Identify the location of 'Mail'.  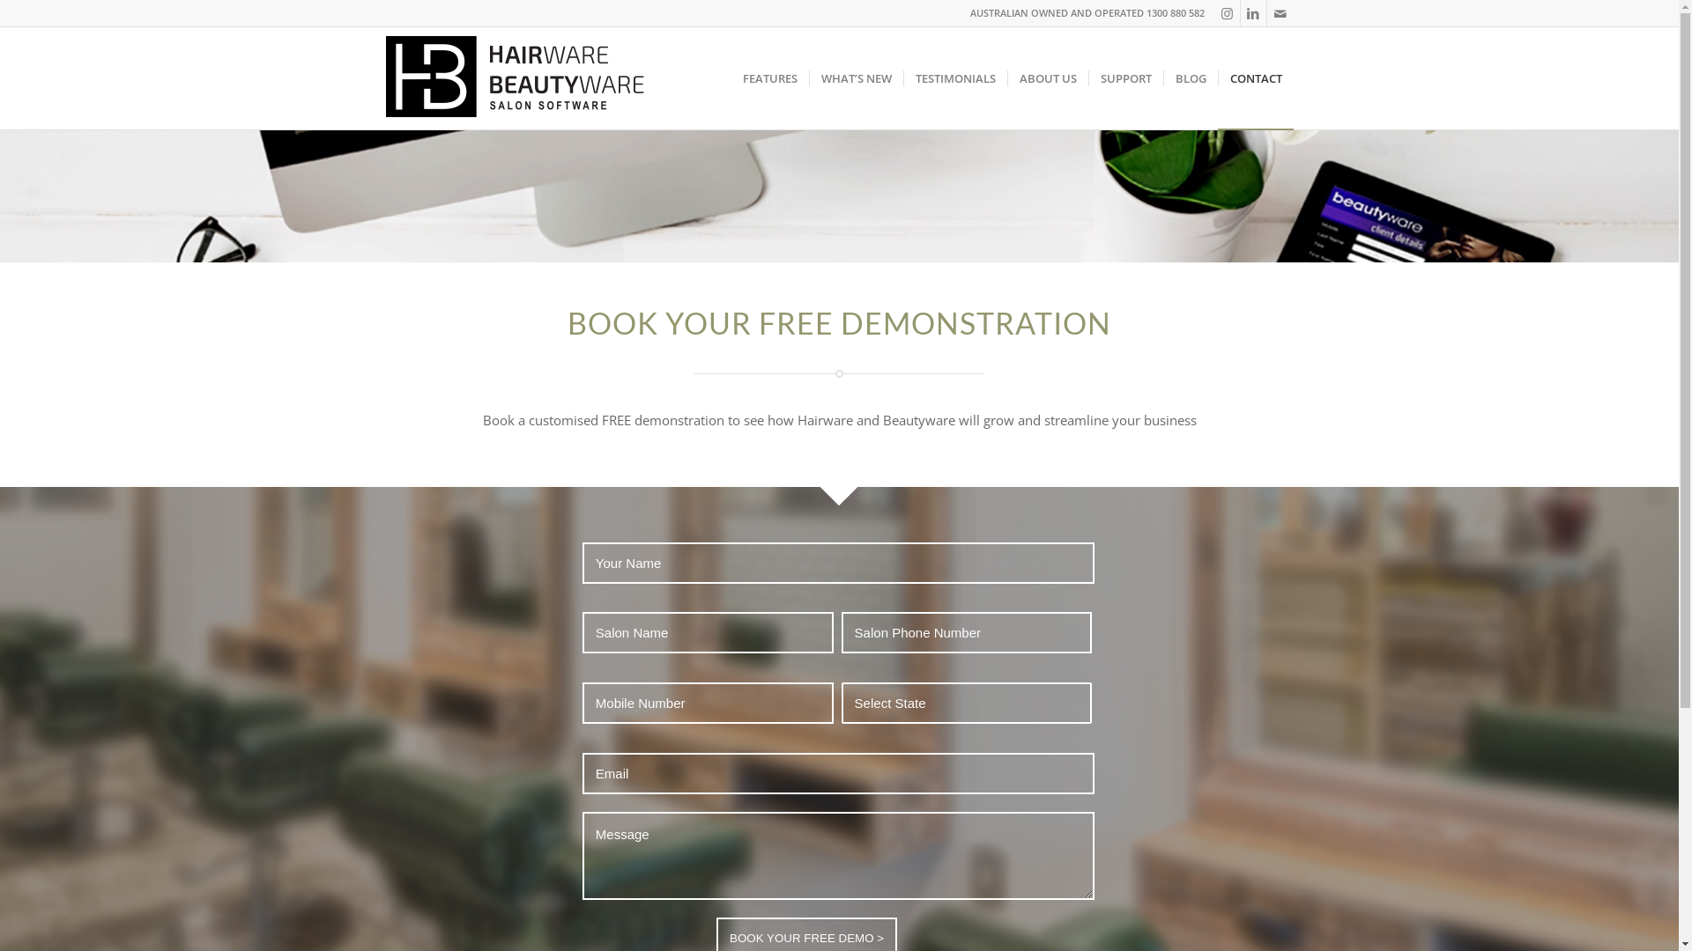
(1280, 13).